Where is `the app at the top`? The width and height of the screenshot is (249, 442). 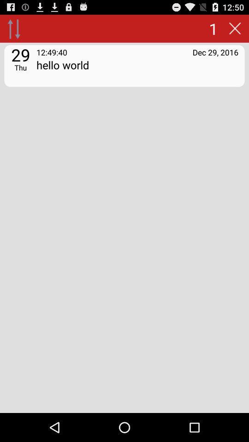
the app at the top is located at coordinates (137, 70).